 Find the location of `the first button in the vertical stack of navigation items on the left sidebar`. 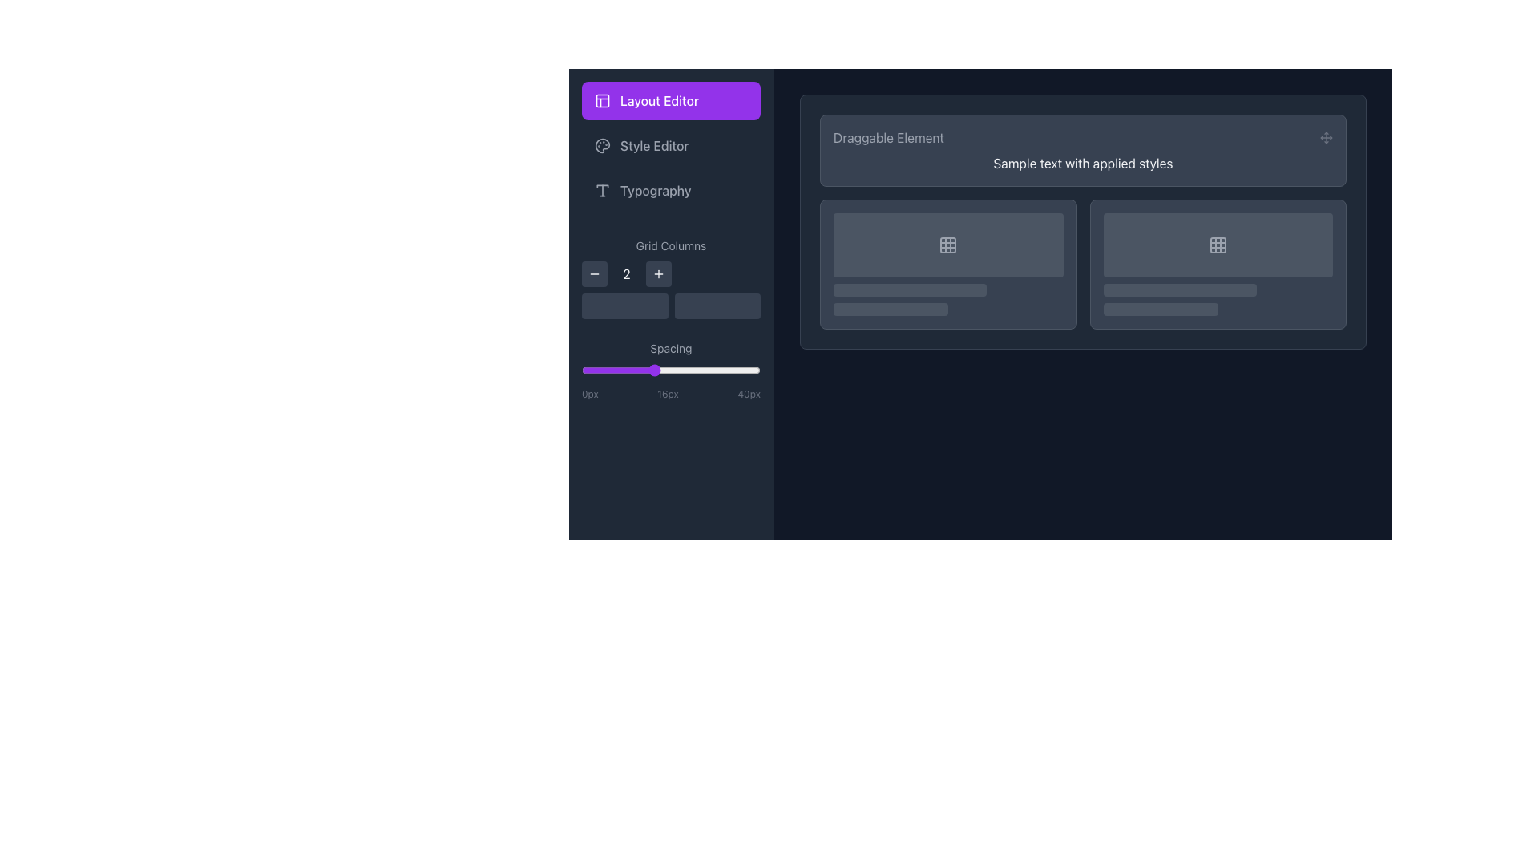

the first button in the vertical stack of navigation items on the left sidebar is located at coordinates (671, 101).